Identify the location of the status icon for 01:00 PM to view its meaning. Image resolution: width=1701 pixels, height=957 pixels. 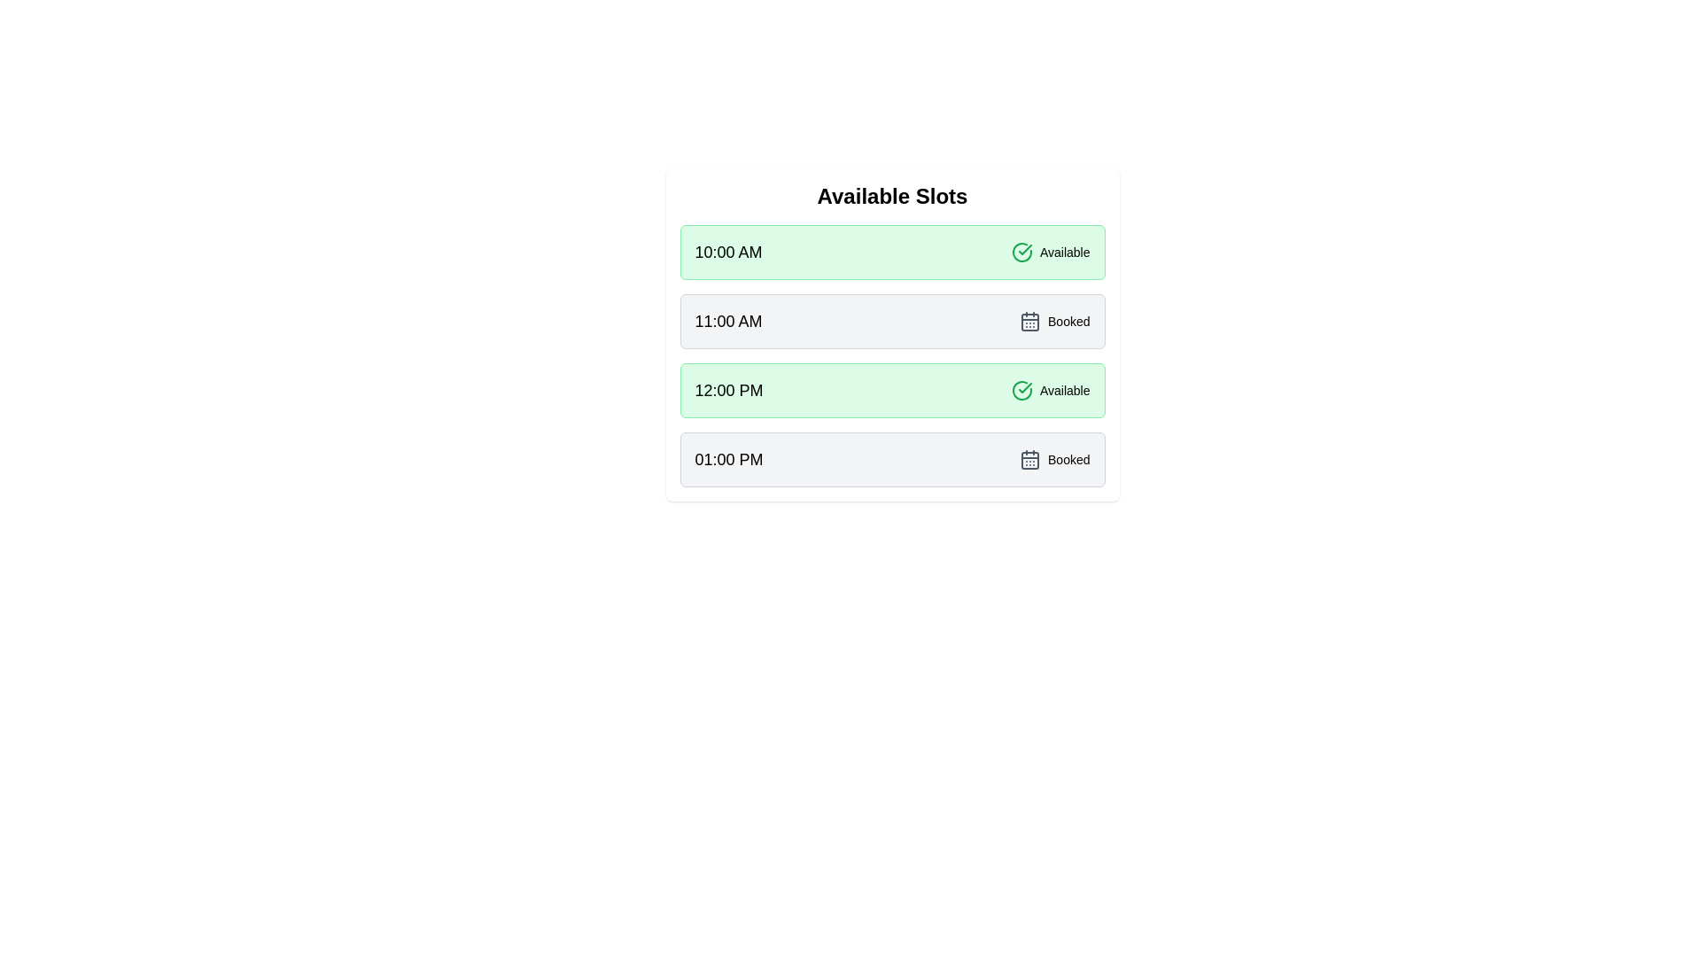
(1029, 459).